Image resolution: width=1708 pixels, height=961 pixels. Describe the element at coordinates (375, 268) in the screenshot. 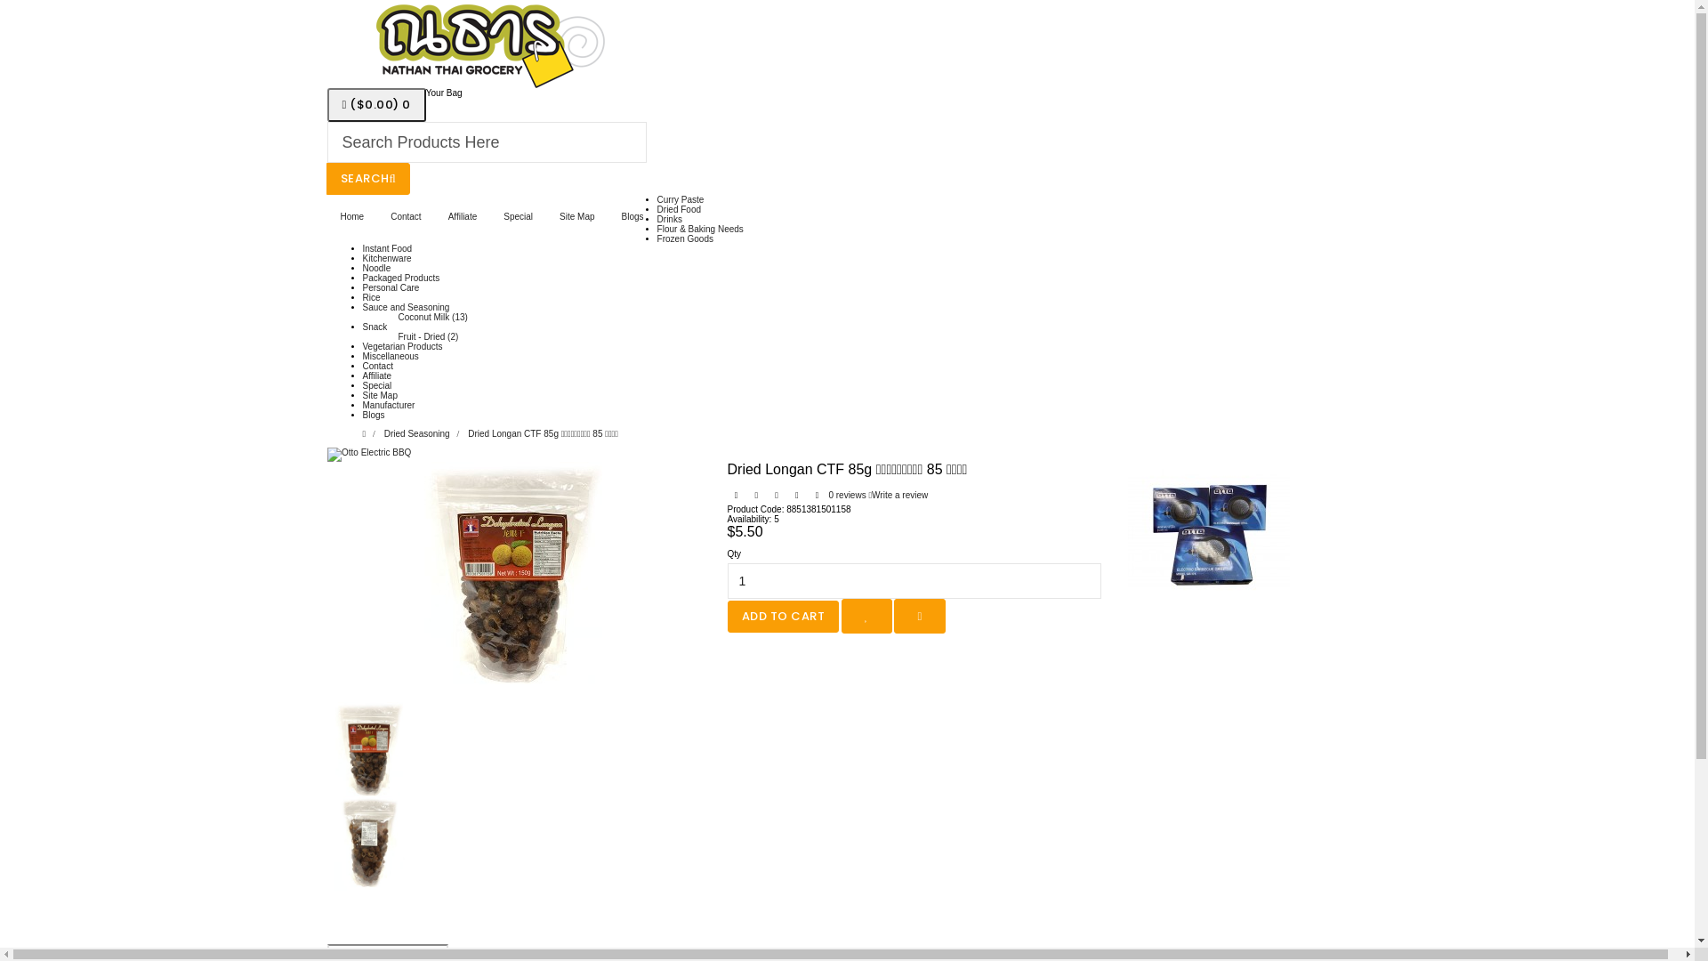

I see `'Noodle'` at that location.